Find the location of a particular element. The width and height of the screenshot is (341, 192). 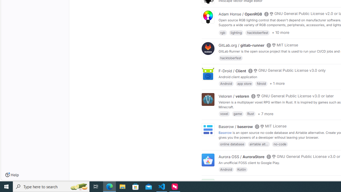

'F-Droid / Client' is located at coordinates (232, 70).